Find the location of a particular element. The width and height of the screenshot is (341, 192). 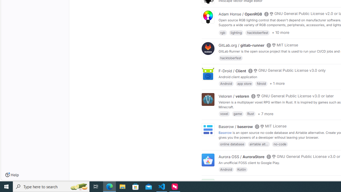

'F-Droid / Client' is located at coordinates (232, 70).